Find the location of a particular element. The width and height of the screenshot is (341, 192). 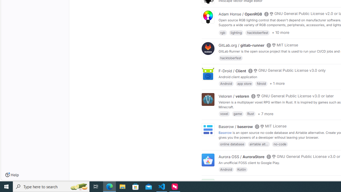

'F-Droid / Client' is located at coordinates (232, 70).